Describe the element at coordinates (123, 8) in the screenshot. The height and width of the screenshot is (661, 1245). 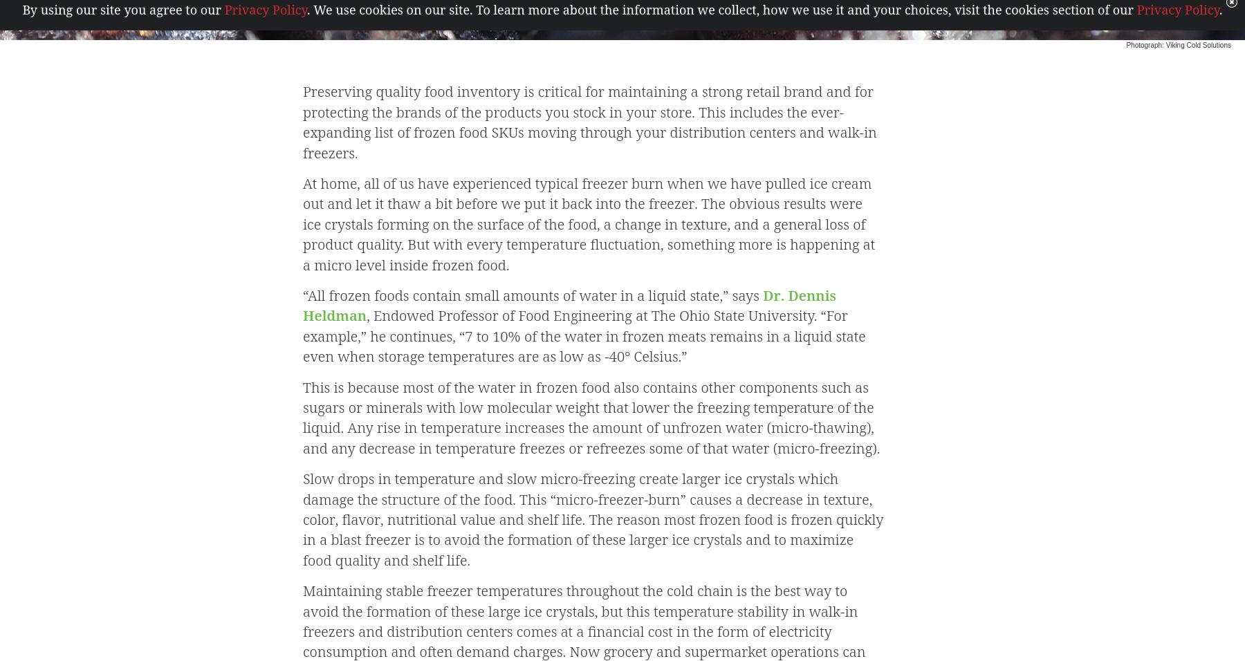
I see `'By using our site you agree to our'` at that location.